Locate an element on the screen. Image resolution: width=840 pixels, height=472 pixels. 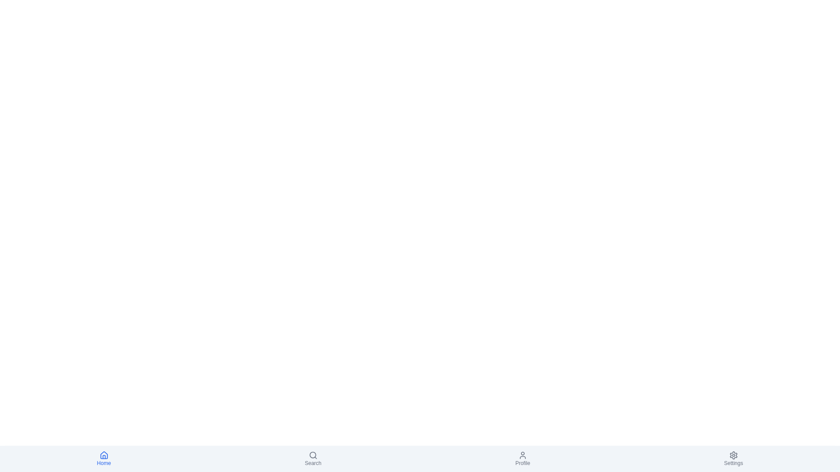
the settings icon located on the far right of the bottom navigation bar is located at coordinates (733, 455).